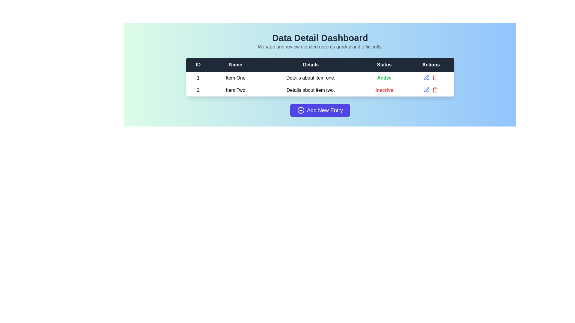 Image resolution: width=575 pixels, height=323 pixels. What do you see at coordinates (435, 90) in the screenshot?
I see `the red trash can icon representing the delete action, which is the second icon under the 'Actions' column of the second row in the data table` at bounding box center [435, 90].